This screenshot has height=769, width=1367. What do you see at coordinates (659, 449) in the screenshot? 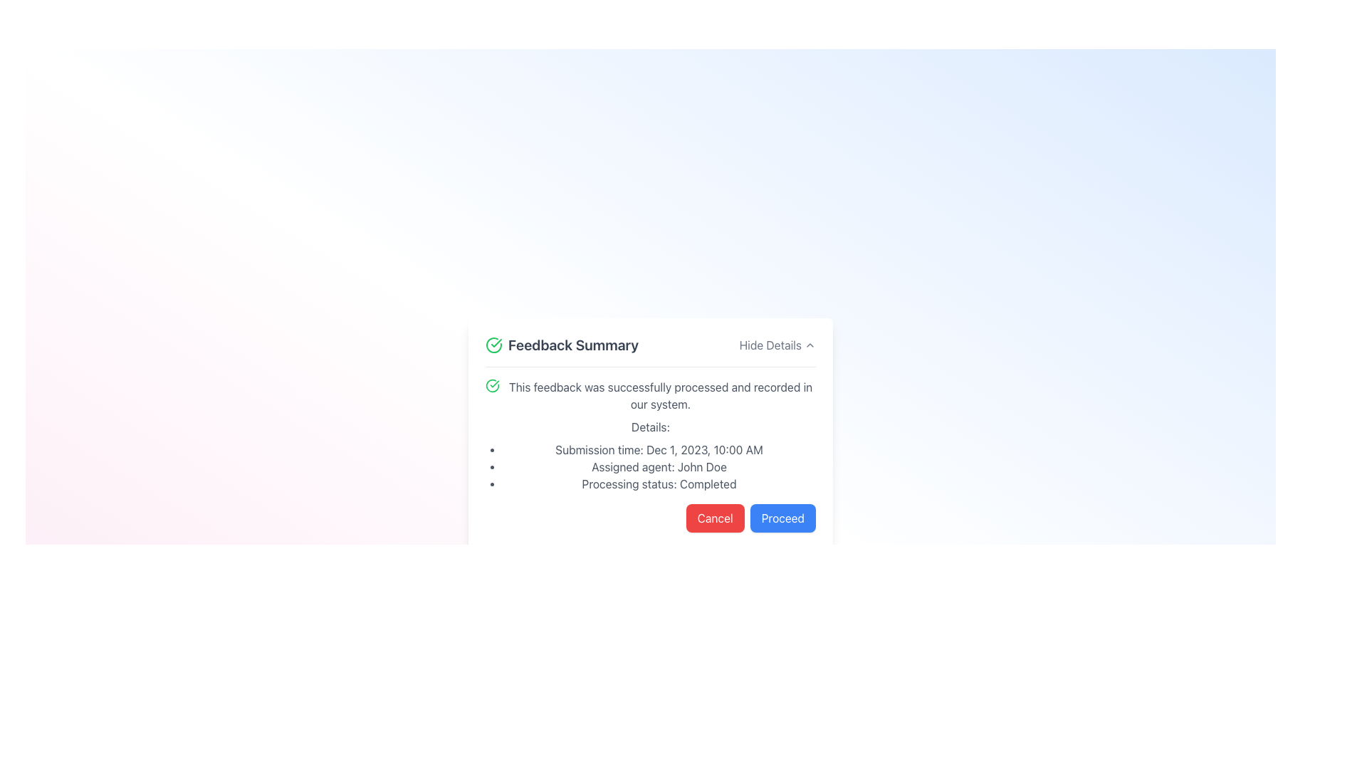
I see `the first item in the bullet-point list under the 'Details' section that displays the specific date and time of the submission` at bounding box center [659, 449].